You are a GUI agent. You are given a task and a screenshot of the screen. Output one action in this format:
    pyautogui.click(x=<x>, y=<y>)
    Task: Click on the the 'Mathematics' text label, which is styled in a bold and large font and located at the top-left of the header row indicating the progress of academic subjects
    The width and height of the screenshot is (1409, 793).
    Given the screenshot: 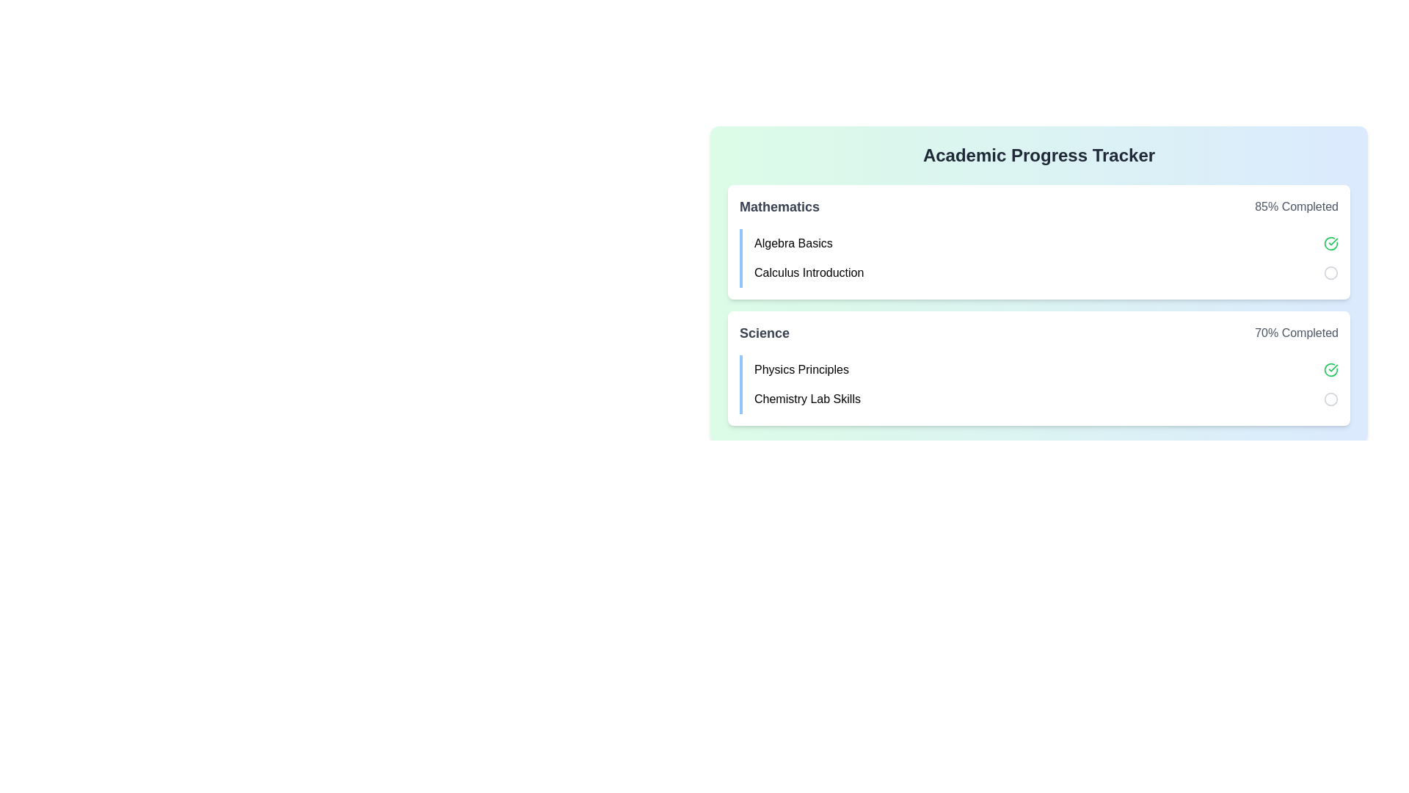 What is the action you would take?
    pyautogui.click(x=779, y=206)
    